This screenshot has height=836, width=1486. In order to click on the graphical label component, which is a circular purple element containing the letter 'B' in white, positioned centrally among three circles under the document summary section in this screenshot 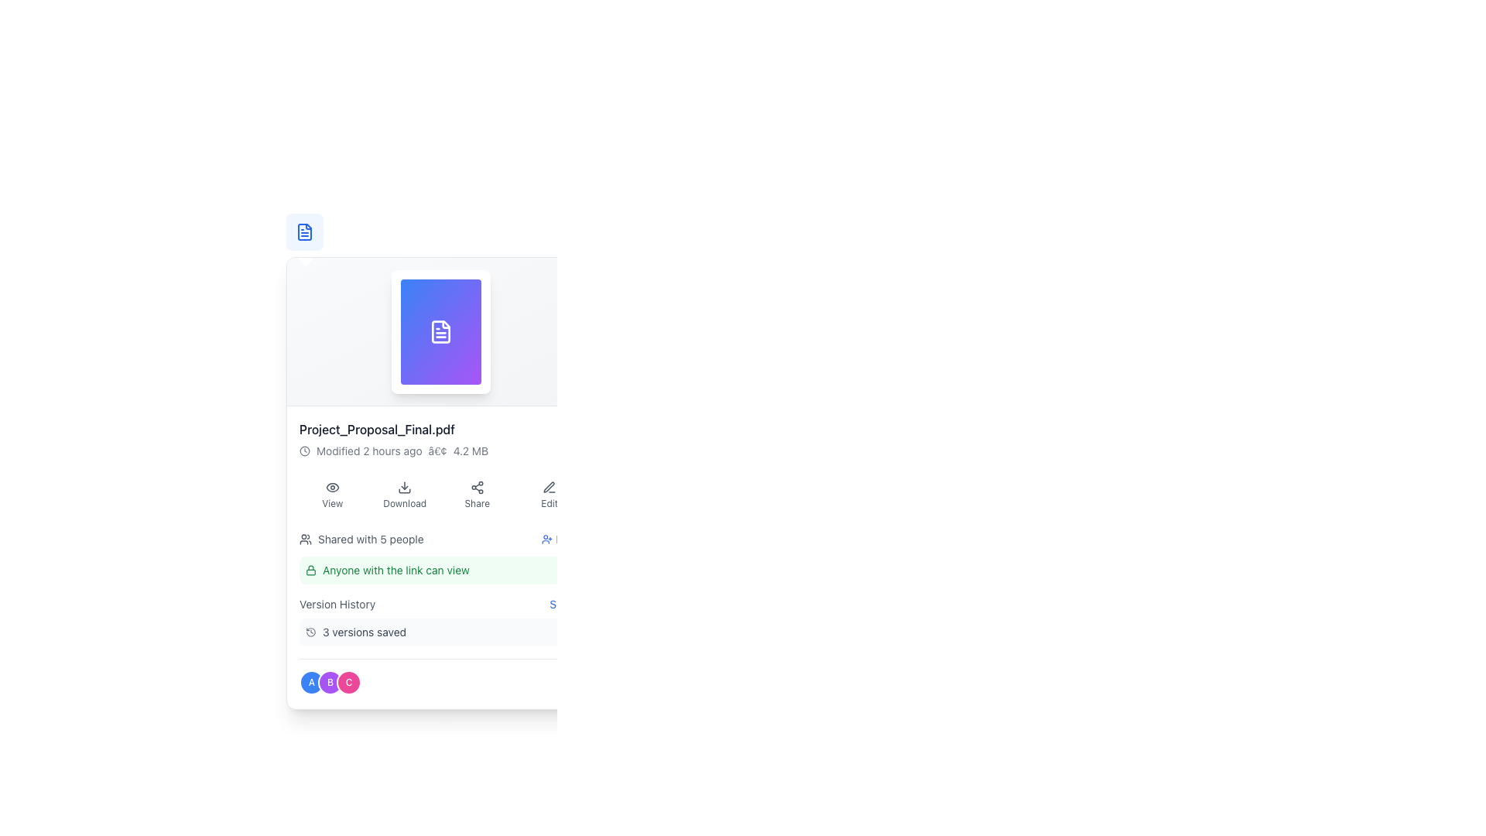, I will do `click(330, 682)`.